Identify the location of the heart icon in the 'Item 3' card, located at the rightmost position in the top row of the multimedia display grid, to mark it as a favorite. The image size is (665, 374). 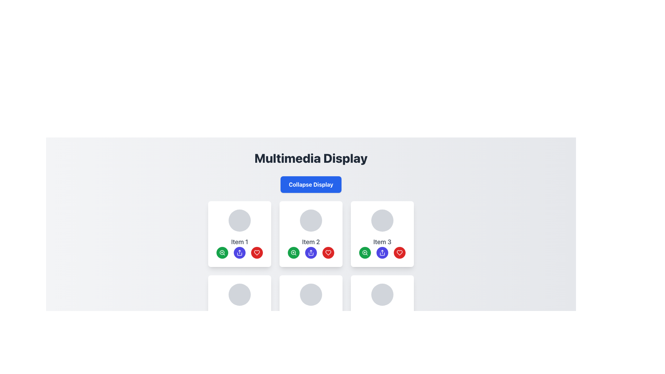
(328, 252).